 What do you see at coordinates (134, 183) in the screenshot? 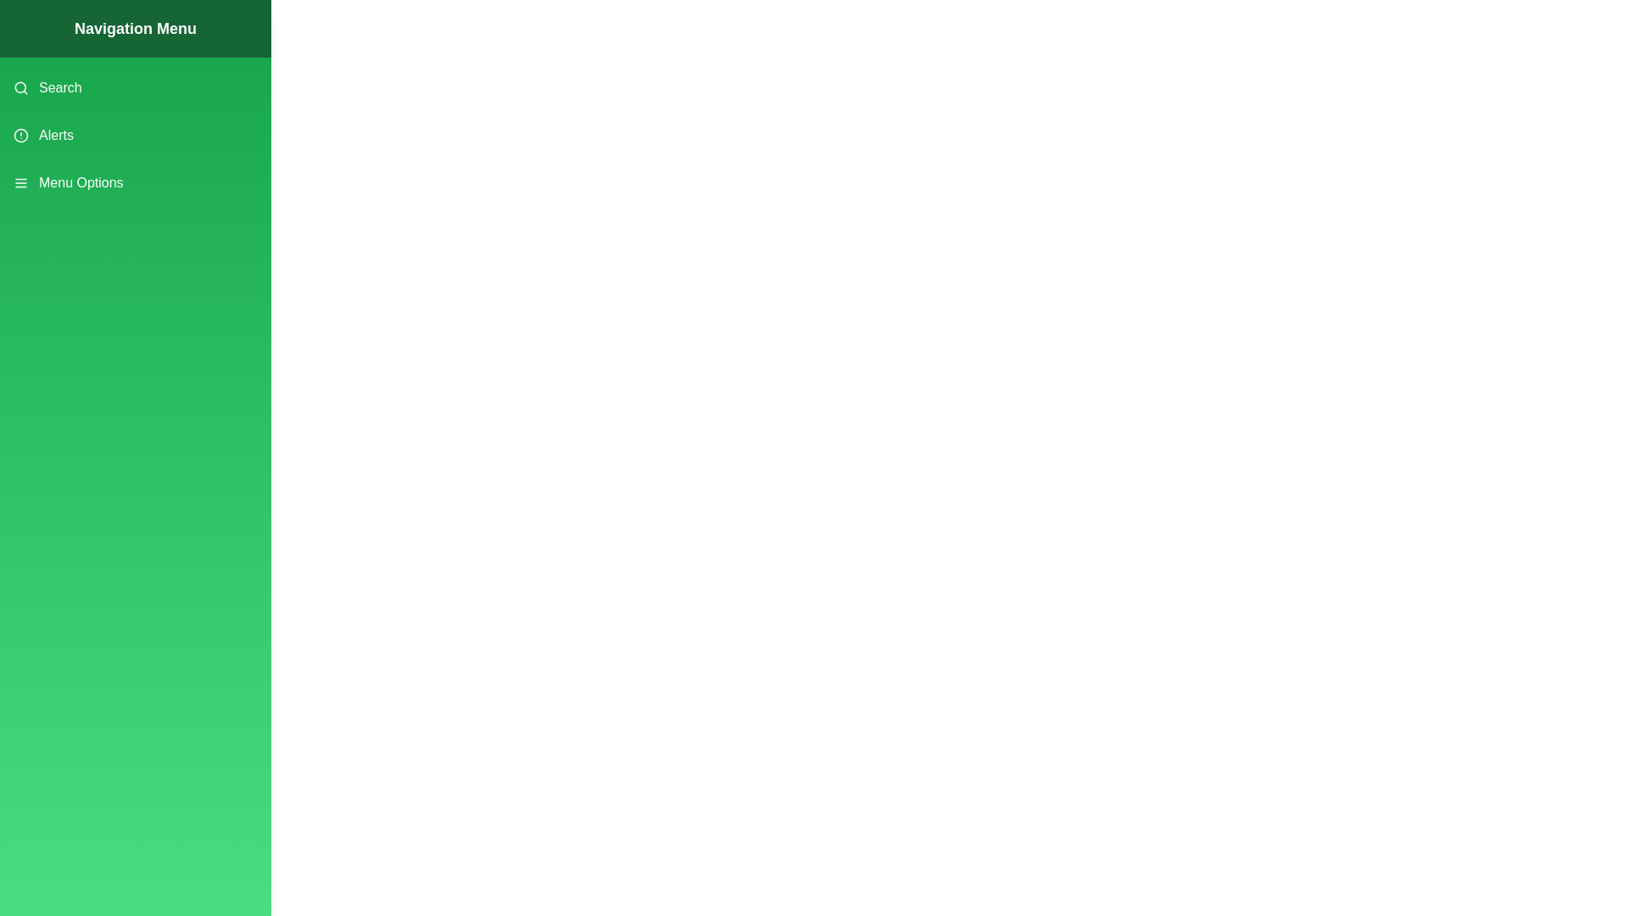
I see `the menu item Menu Options from the drawer` at bounding box center [134, 183].